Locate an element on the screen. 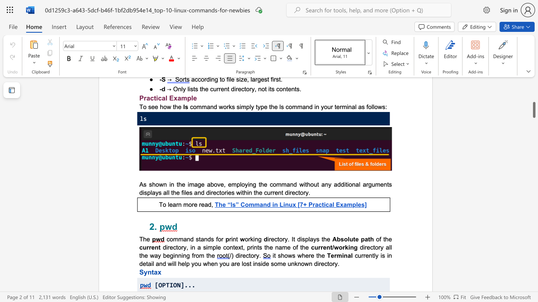 The width and height of the screenshot is (538, 302). the subset text "me unknown" within the text "currently is in detail and will help you when you are lost inside some unknown directory." is located at coordinates (277, 263).